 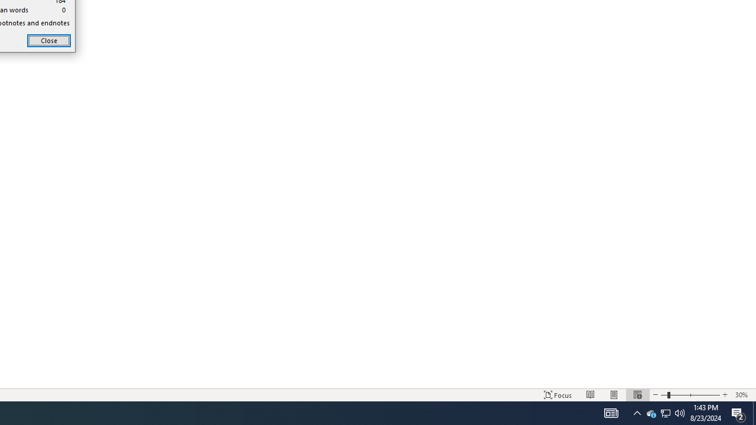 I want to click on 'Print Layout', so click(x=614, y=395).